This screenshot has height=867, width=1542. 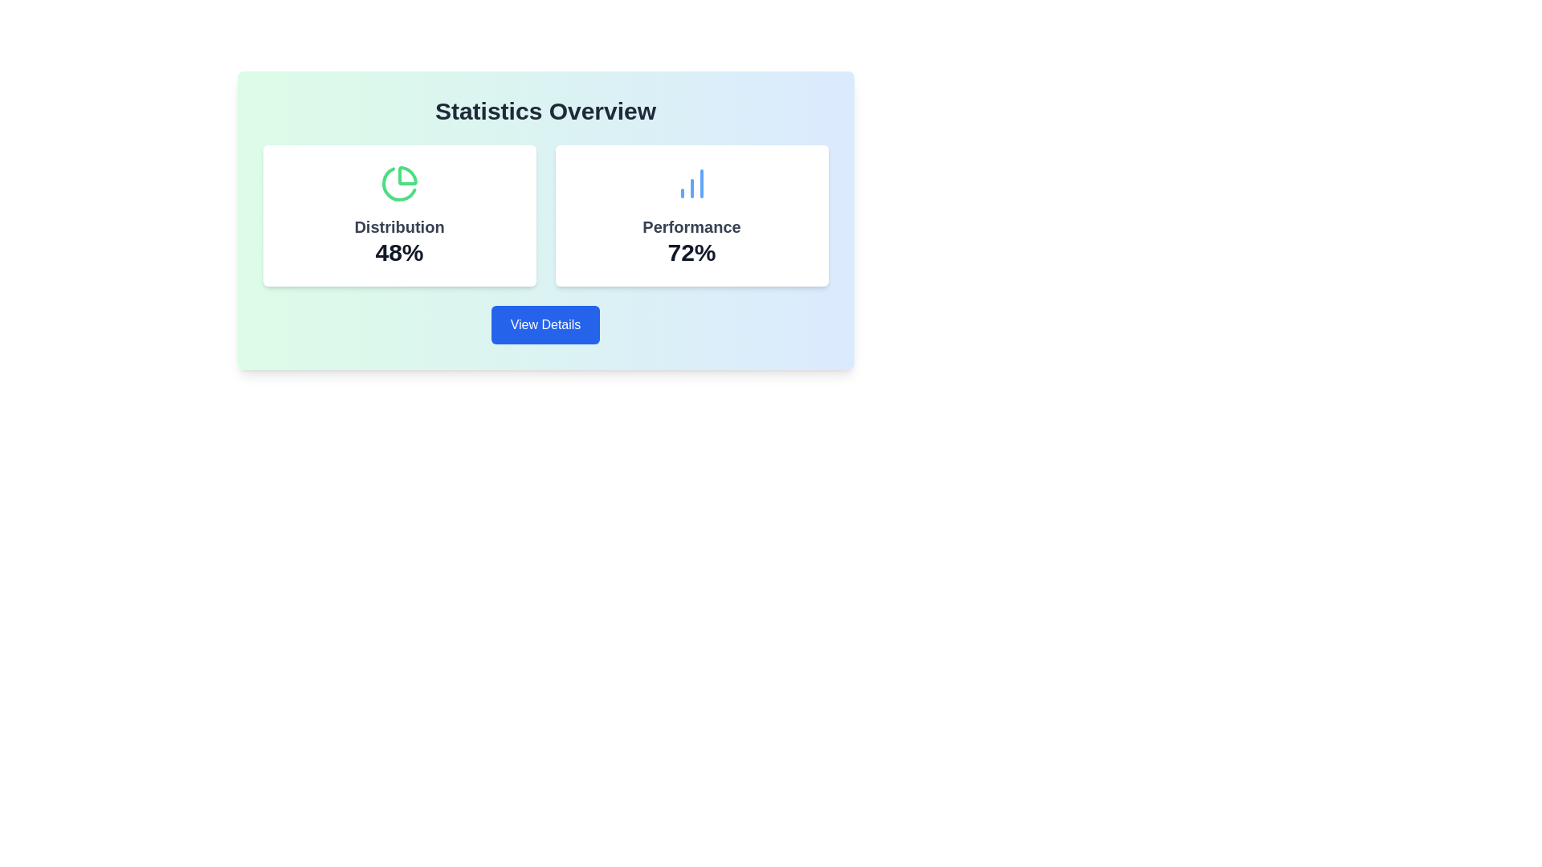 What do you see at coordinates (545, 110) in the screenshot?
I see `the bold heading titled 'Statistics Overview' which is positioned at the top center of its card layout` at bounding box center [545, 110].